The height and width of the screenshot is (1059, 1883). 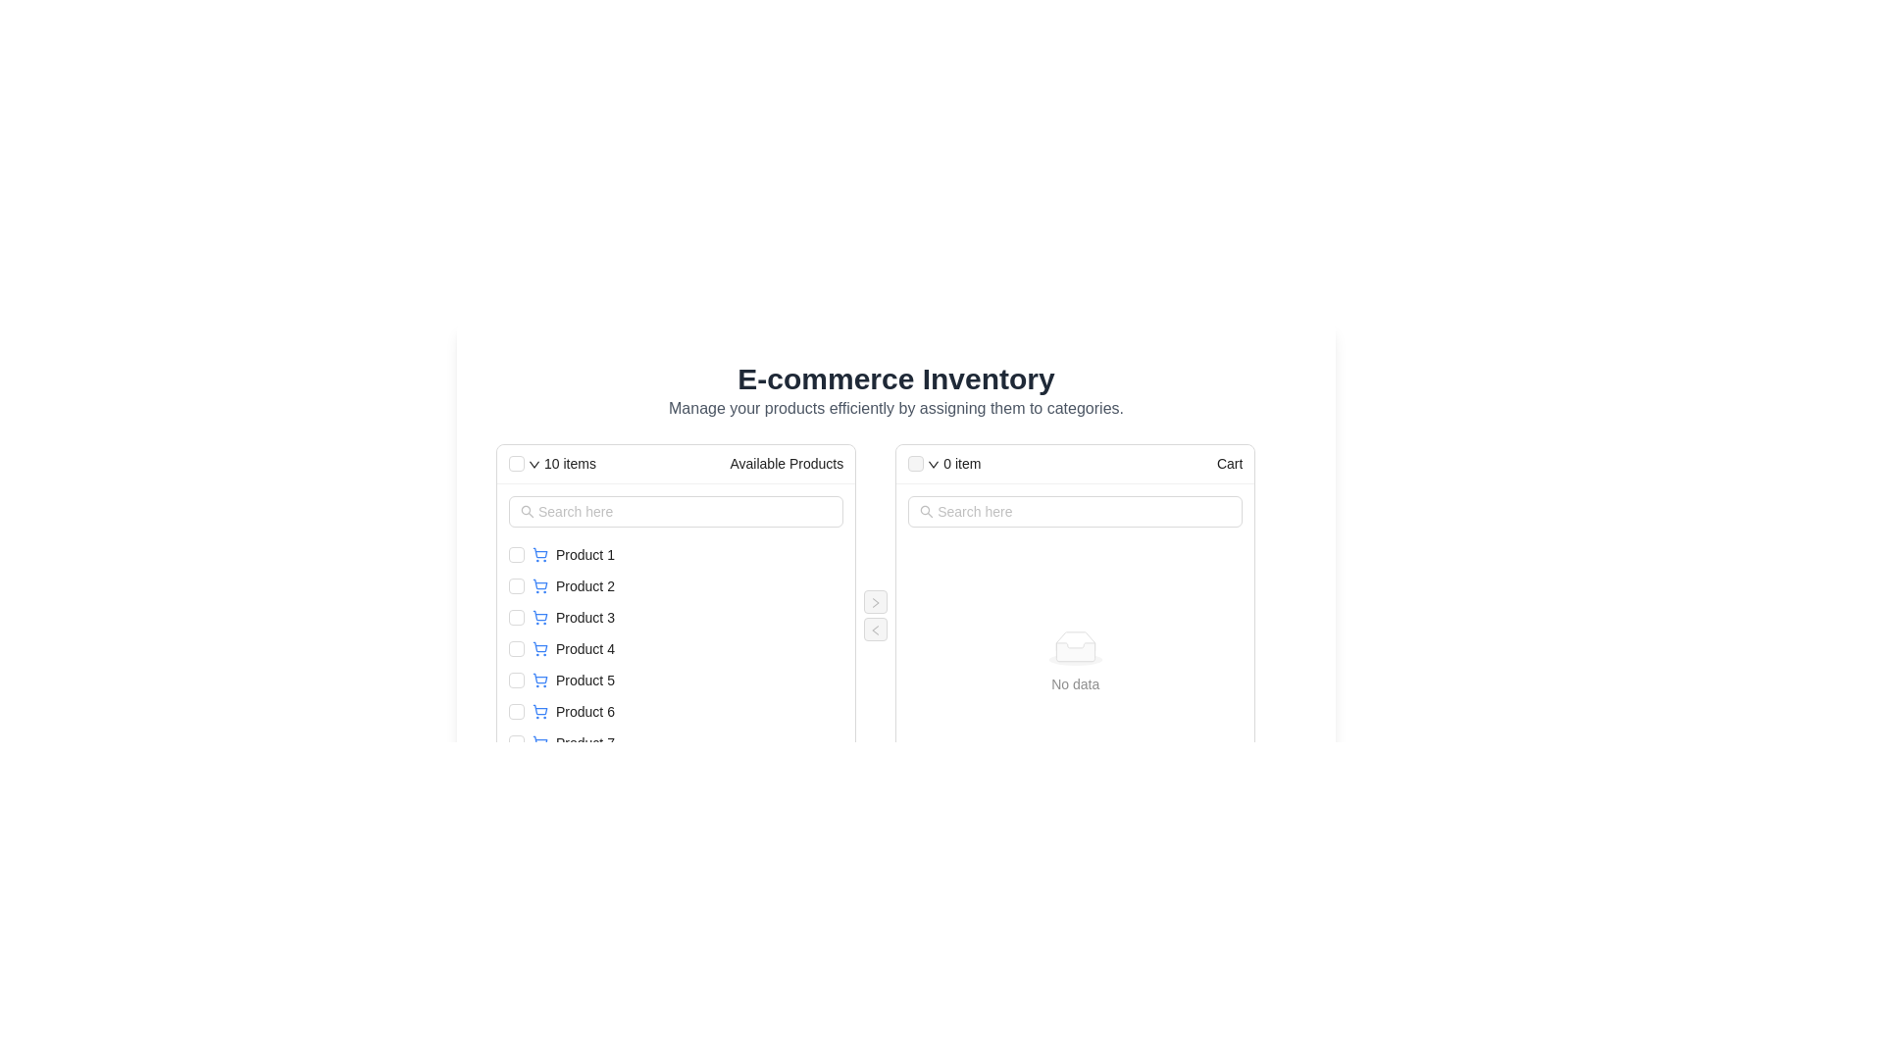 I want to click on the checkbox that allows users to select or deselect the 'Product 4' item in the list, so click(x=517, y=649).